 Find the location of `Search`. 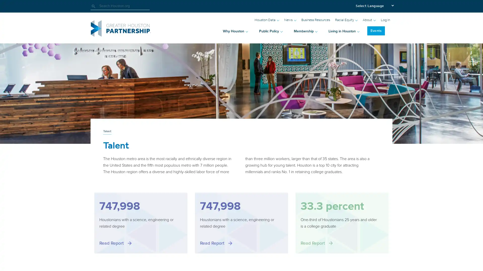

Search is located at coordinates (95, 6).